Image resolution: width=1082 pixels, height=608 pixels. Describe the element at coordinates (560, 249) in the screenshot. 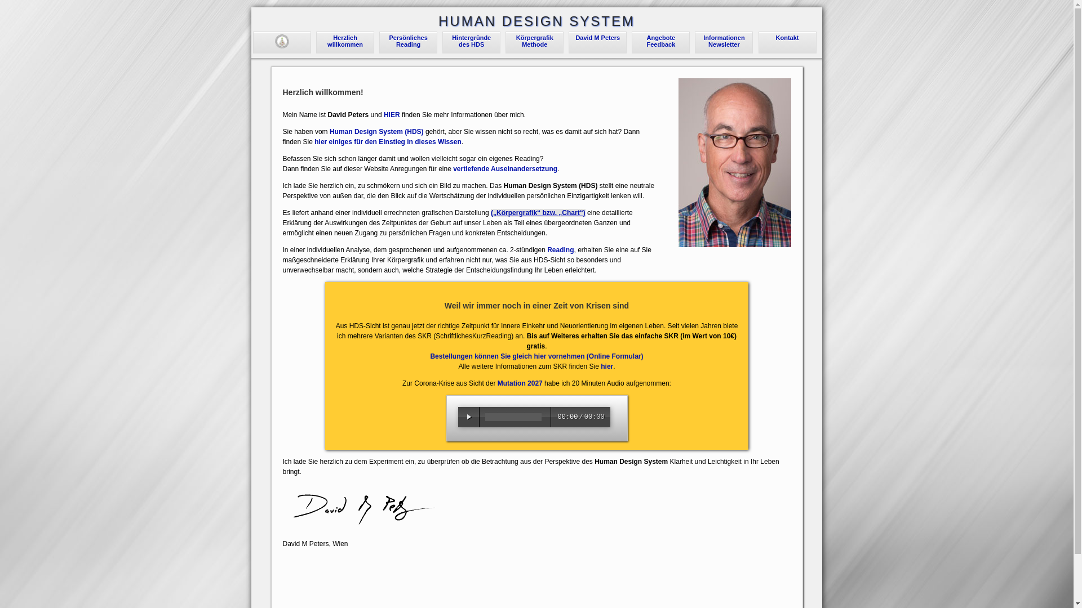

I see `'Reading'` at that location.